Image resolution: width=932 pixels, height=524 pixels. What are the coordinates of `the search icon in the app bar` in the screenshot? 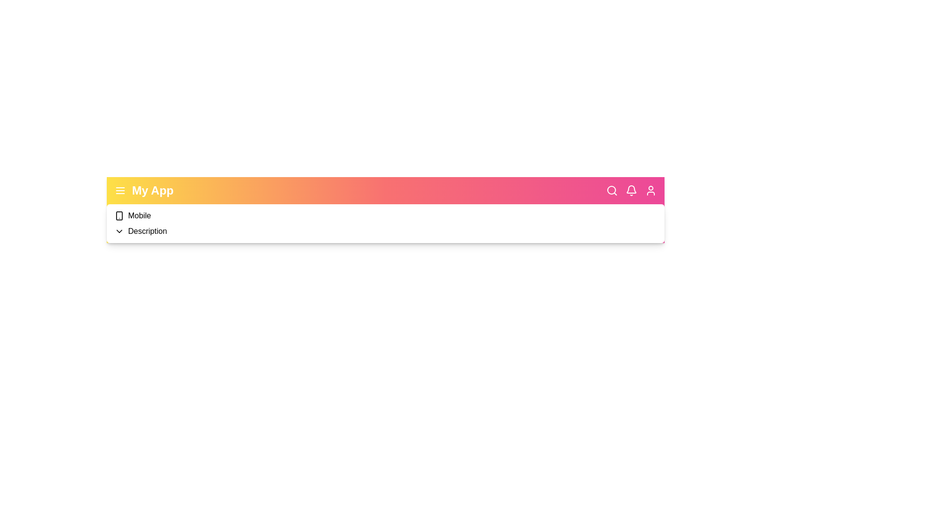 It's located at (612, 191).